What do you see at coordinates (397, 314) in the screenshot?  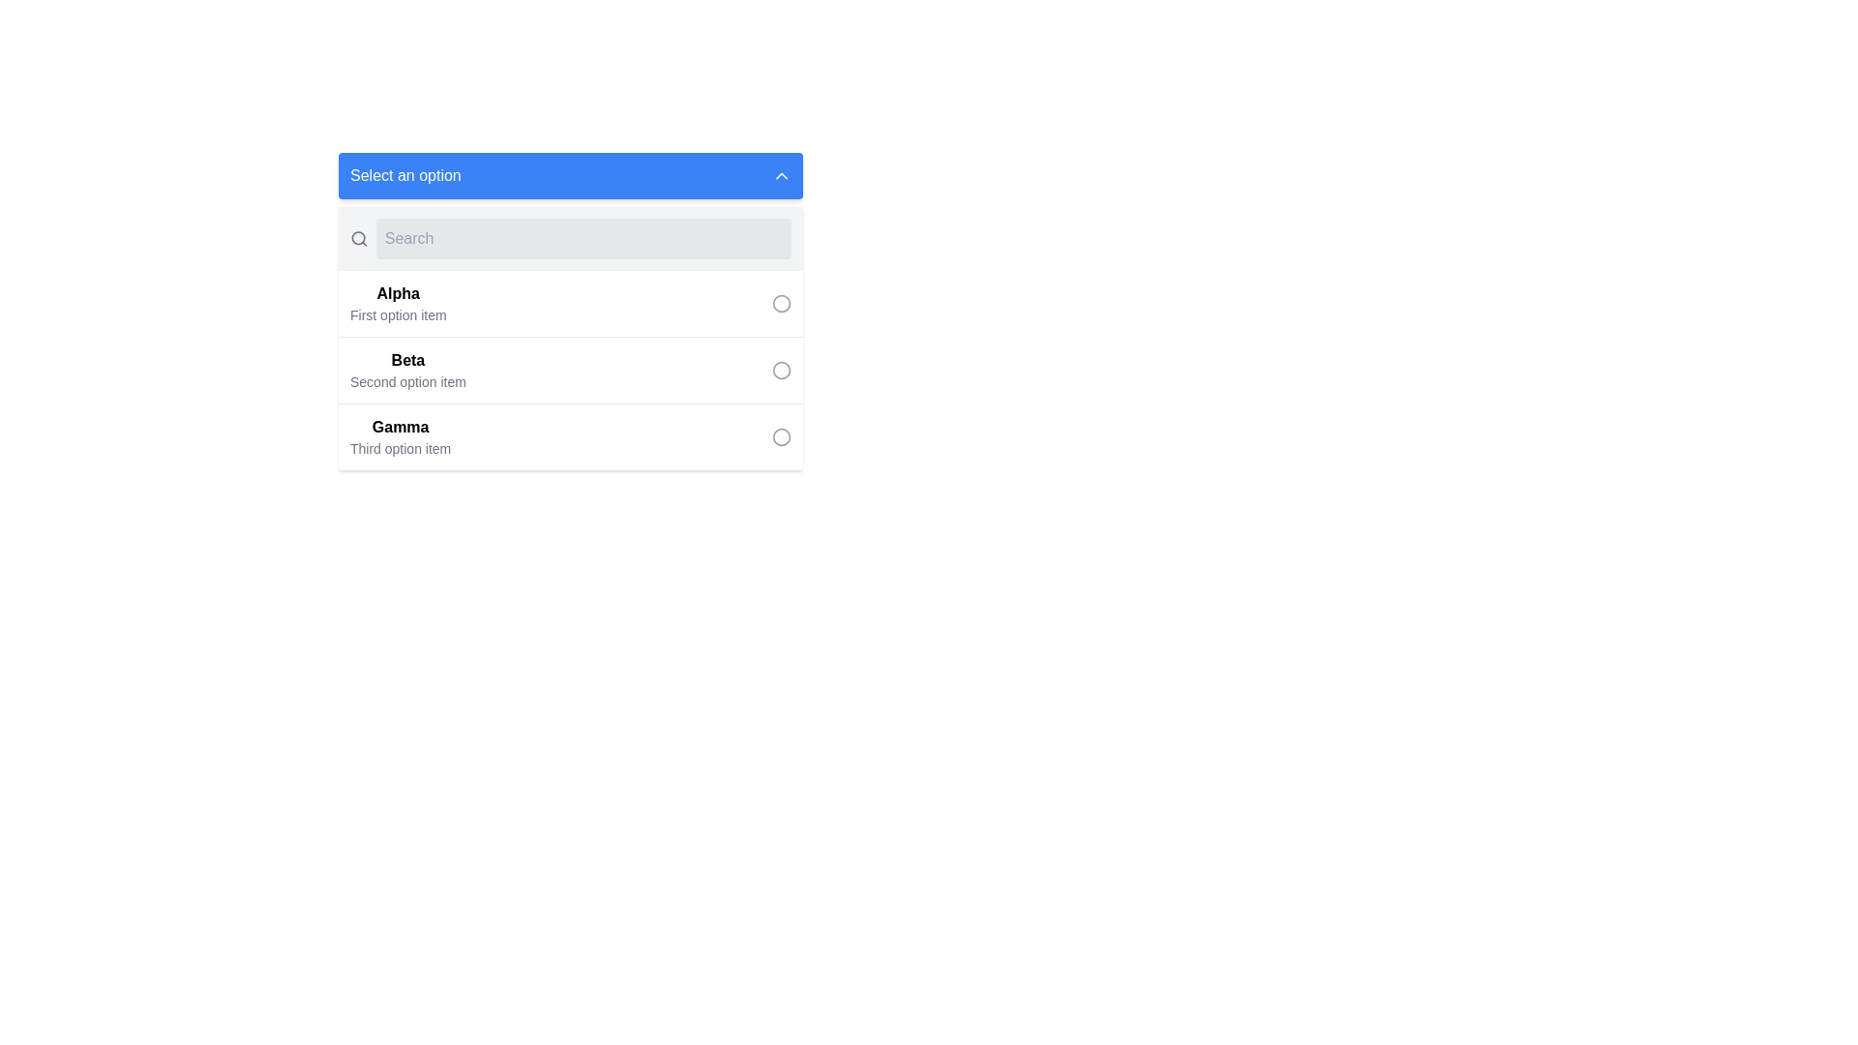 I see `the text label that provides additional detail for the option labeled 'Alpha', located directly below the bolded label 'Alpha'` at bounding box center [397, 314].